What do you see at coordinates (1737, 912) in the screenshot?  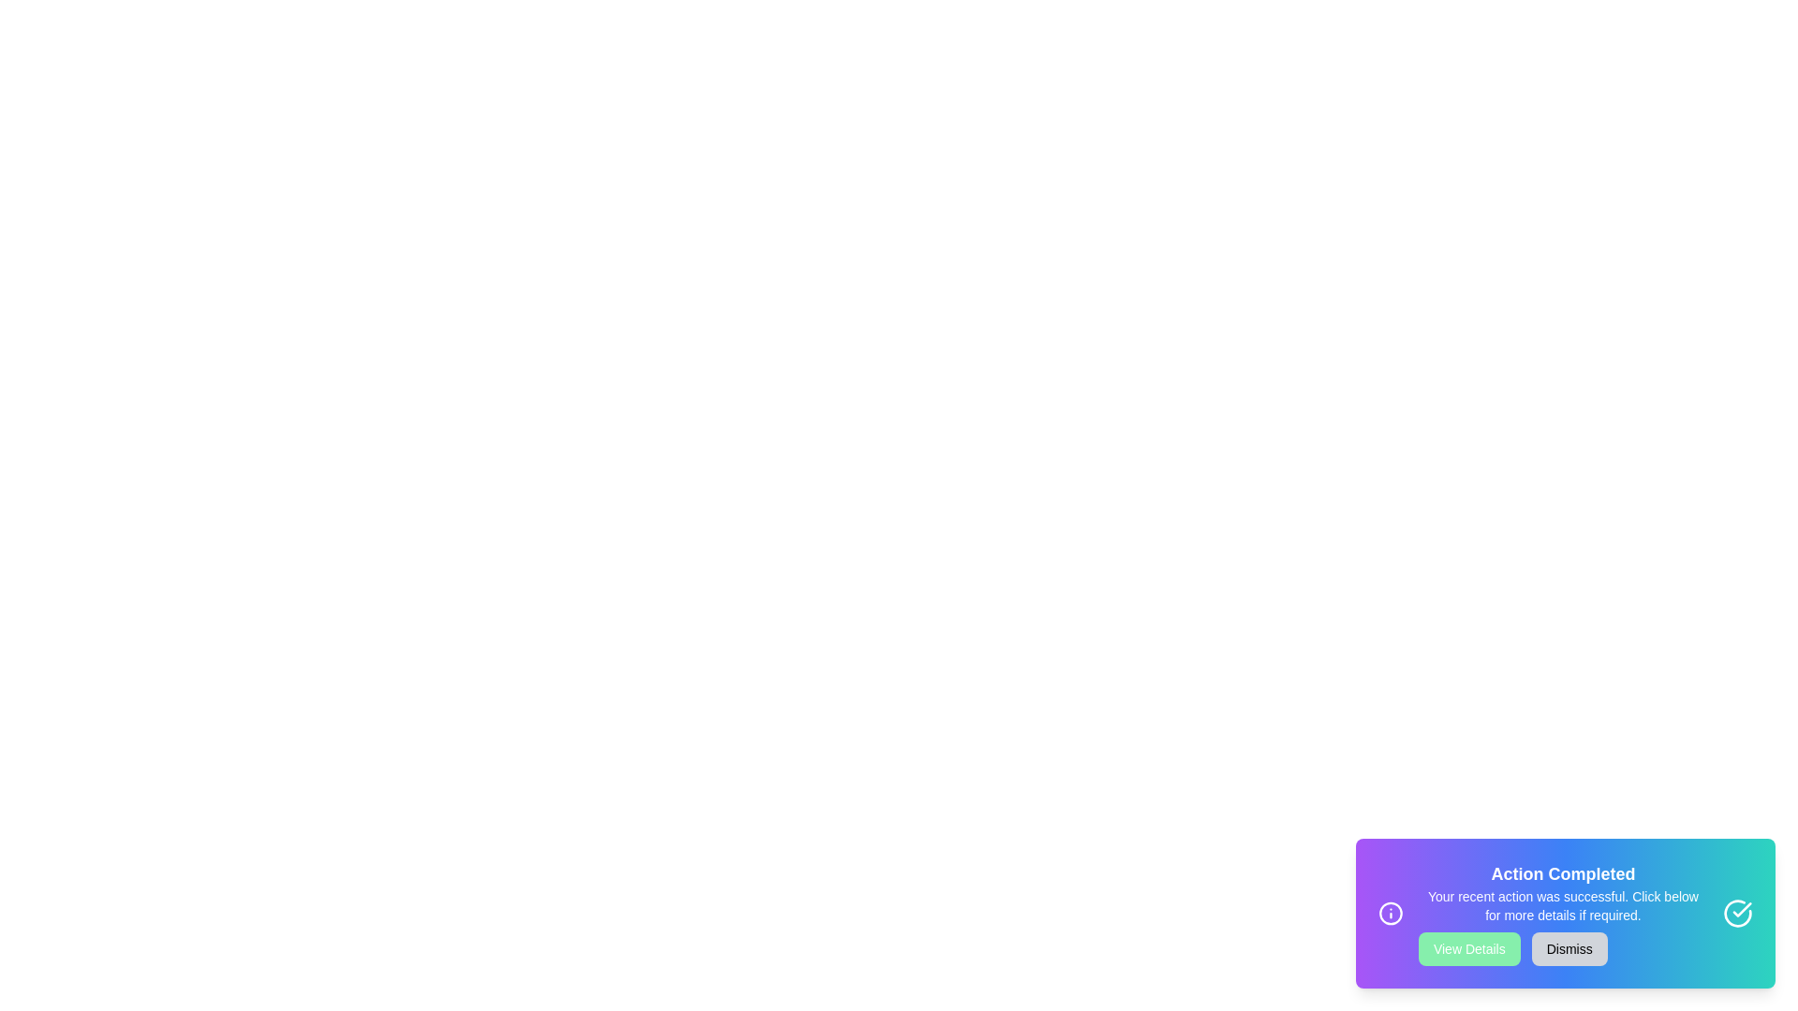 I see `the icon button (check circle) to close the snackbar` at bounding box center [1737, 912].